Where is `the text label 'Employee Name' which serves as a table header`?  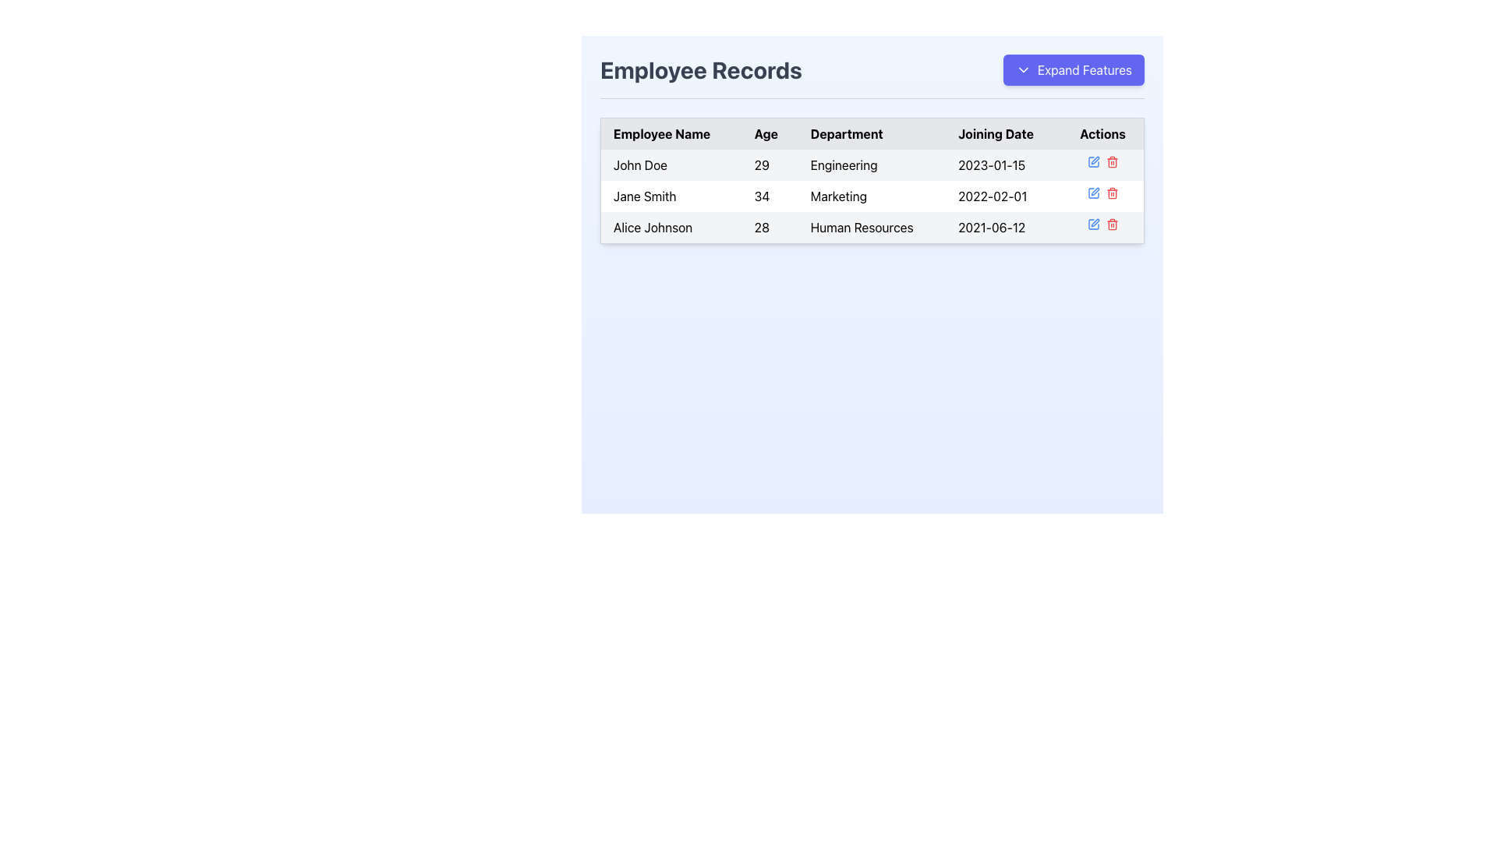 the text label 'Employee Name' which serves as a table header is located at coordinates (671, 133).